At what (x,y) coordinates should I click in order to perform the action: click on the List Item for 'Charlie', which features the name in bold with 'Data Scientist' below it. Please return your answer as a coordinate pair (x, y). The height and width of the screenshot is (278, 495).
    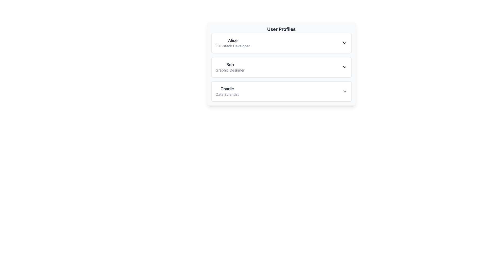
    Looking at the image, I should click on (281, 91).